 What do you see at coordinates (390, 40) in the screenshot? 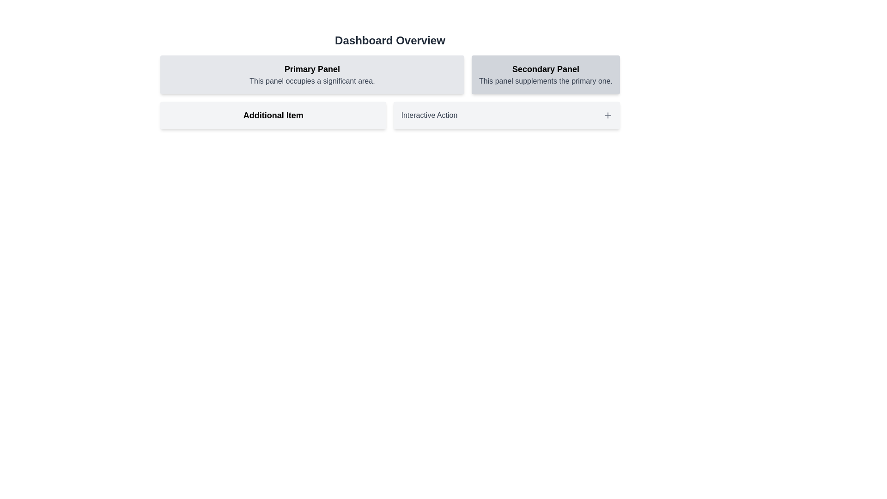
I see `text block displaying 'Dashboard Overview' which is a bold and large font style at the top of the layout` at bounding box center [390, 40].